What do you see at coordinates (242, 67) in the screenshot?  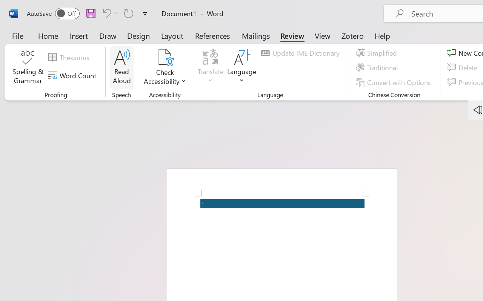 I see `'Language'` at bounding box center [242, 67].